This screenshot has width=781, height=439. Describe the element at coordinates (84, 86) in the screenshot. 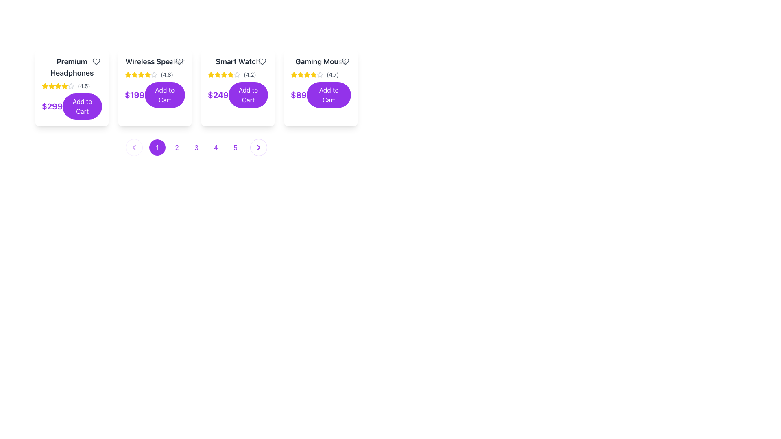

I see `the Text Label that displays the numeric rating associated with the product, located to the right of the yellow-filled star icons on the second card in the first row of a grid layout` at that location.